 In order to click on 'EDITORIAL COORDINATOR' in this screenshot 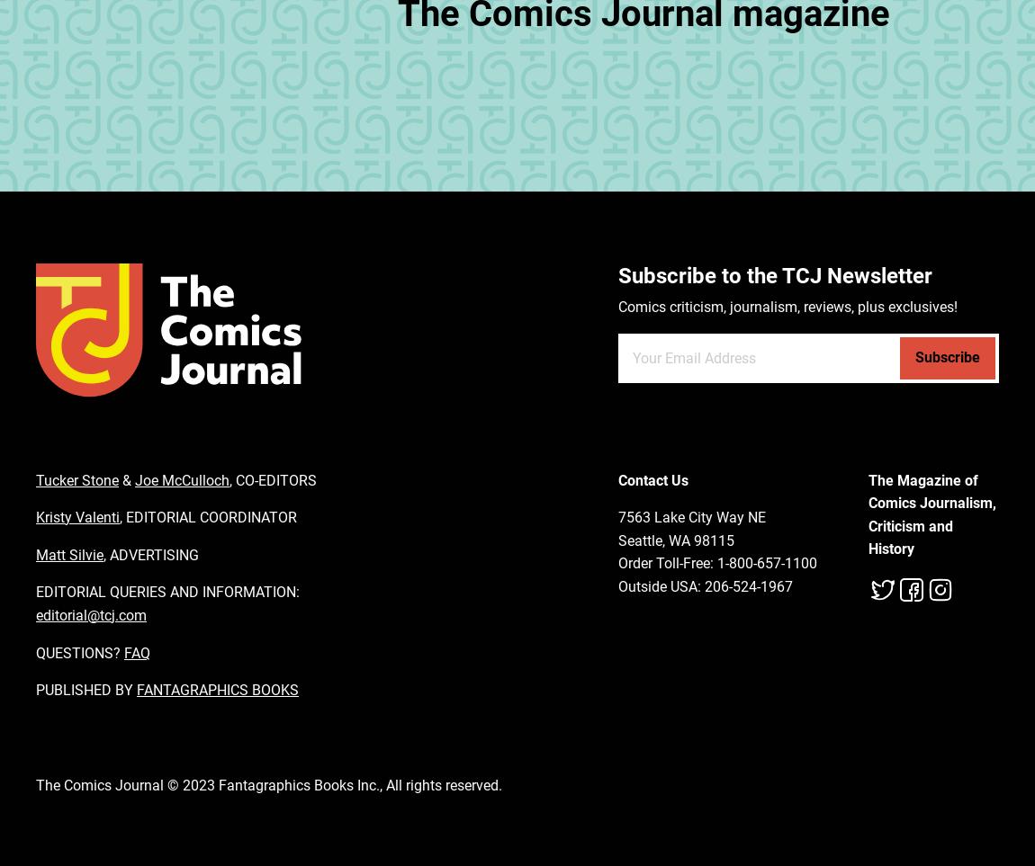, I will do `click(210, 517)`.